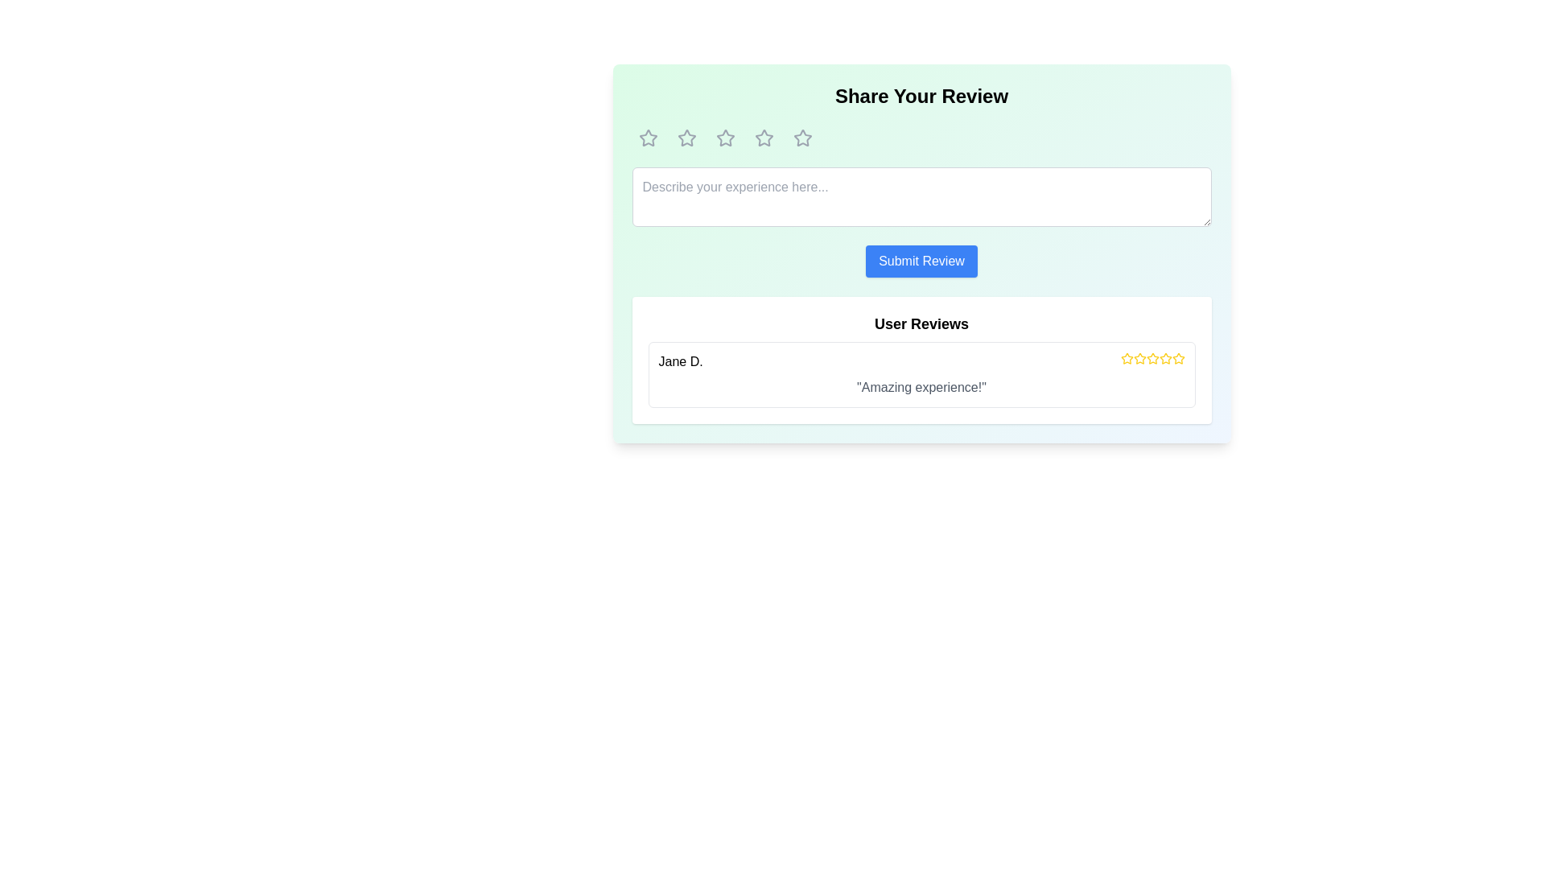  What do you see at coordinates (1152, 358) in the screenshot?
I see `the fourth star icon in a group of five stars used for user ratings, located below the review comment from user Jane D` at bounding box center [1152, 358].